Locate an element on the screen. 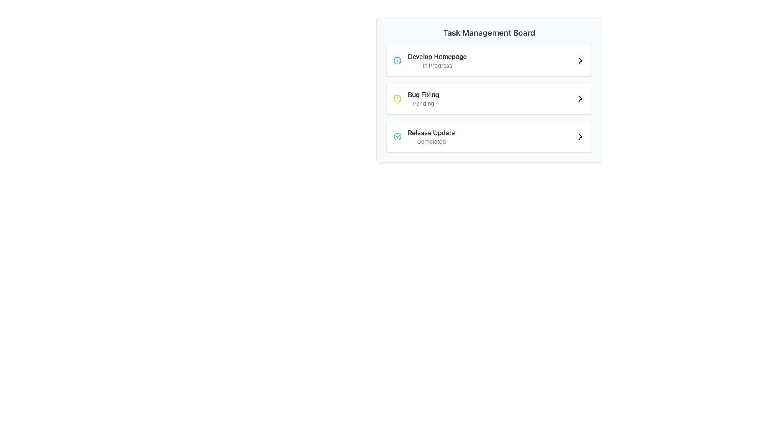 Image resolution: width=777 pixels, height=437 pixels. the chevron icon located at the far right end of the 'Release Update Completed' section is located at coordinates (580, 136).